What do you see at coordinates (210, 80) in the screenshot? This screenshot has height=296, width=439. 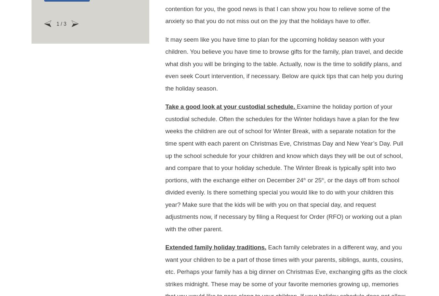 I see `'Child Custody'` at bounding box center [210, 80].